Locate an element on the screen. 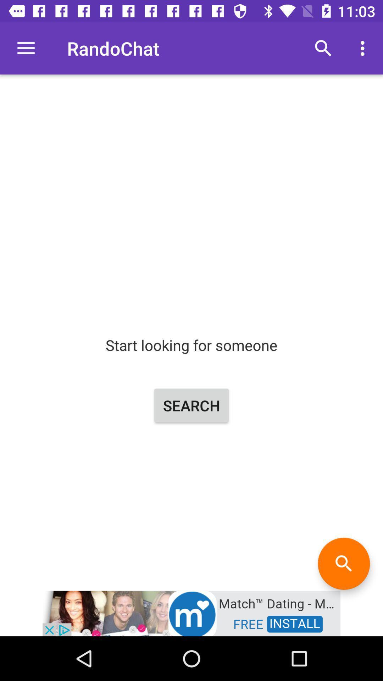 This screenshot has height=681, width=383. the advertisement is located at coordinates (191, 613).